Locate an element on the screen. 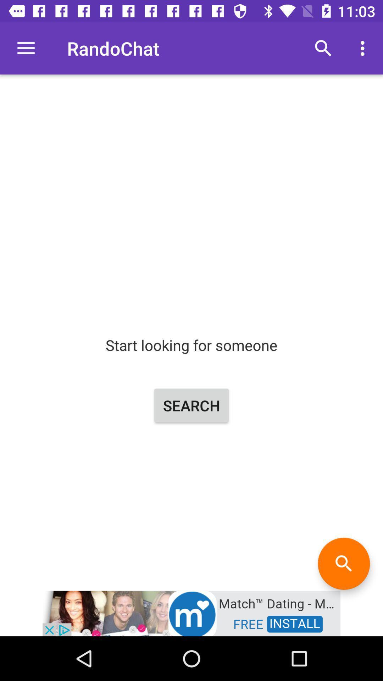 This screenshot has height=681, width=383. the advertisement is located at coordinates (191, 613).